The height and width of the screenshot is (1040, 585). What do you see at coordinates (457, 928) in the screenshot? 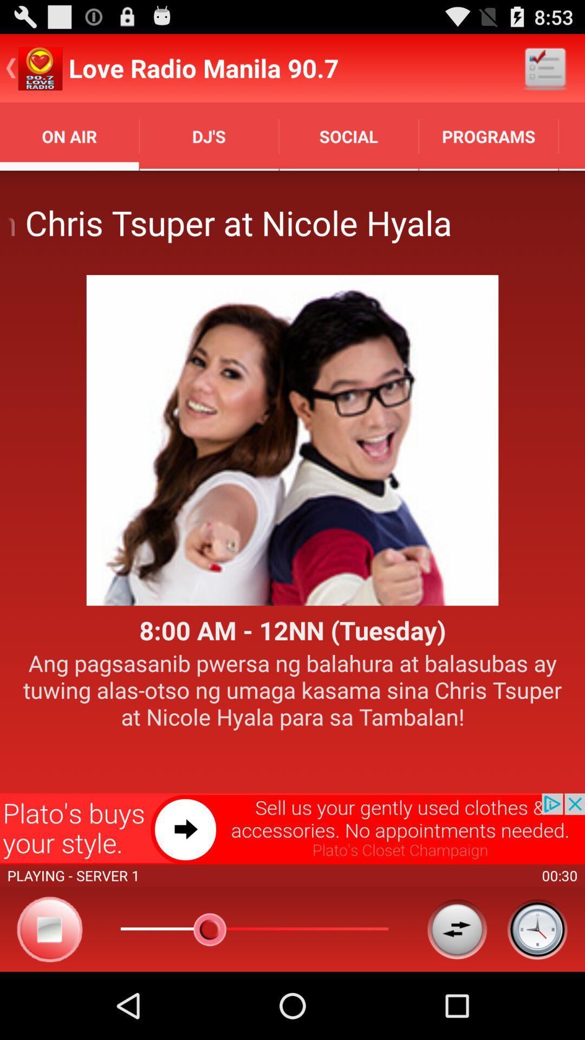
I see `click previous and next button` at bounding box center [457, 928].